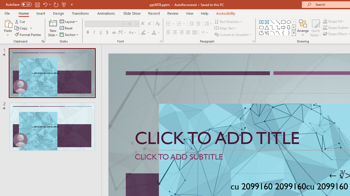 The width and height of the screenshot is (350, 196). What do you see at coordinates (168, 32) in the screenshot?
I see `'Align Left'` at bounding box center [168, 32].